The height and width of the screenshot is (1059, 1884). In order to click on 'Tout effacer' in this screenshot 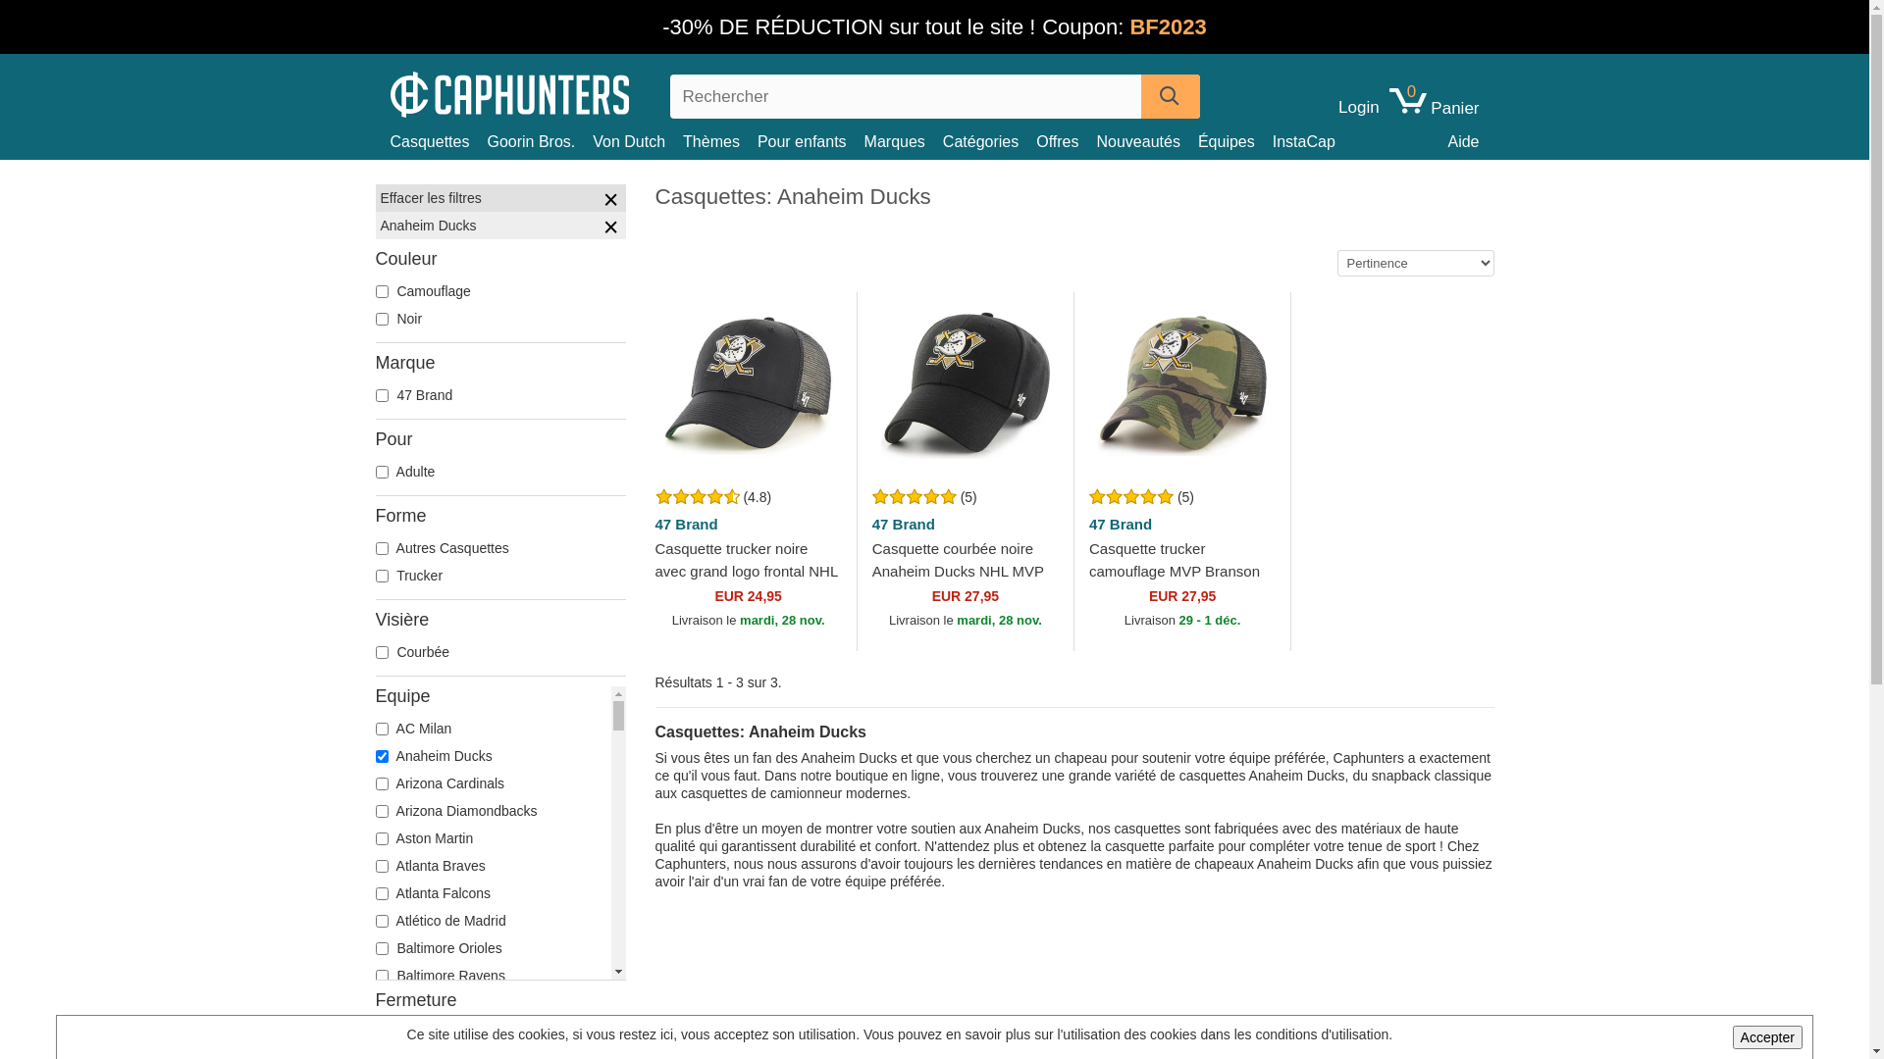, I will do `click(610, 201)`.